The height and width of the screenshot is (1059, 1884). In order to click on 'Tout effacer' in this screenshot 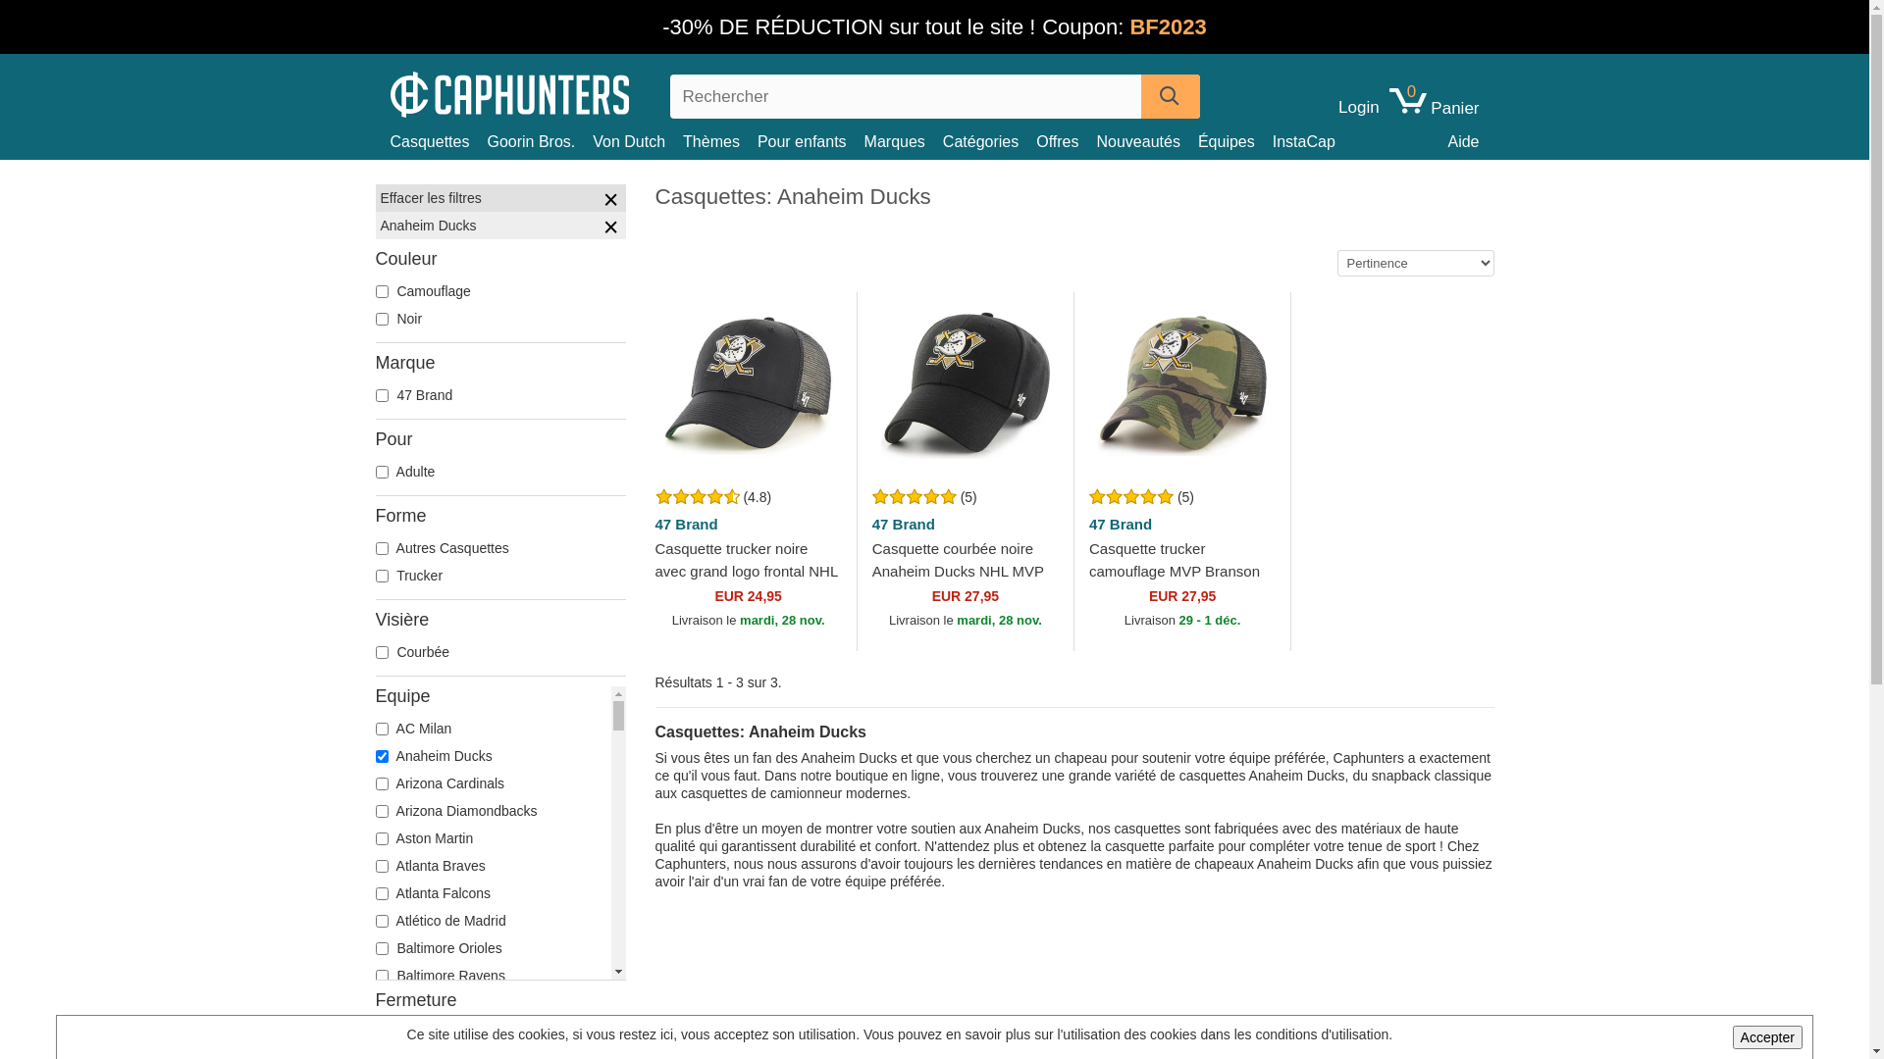, I will do `click(610, 201)`.